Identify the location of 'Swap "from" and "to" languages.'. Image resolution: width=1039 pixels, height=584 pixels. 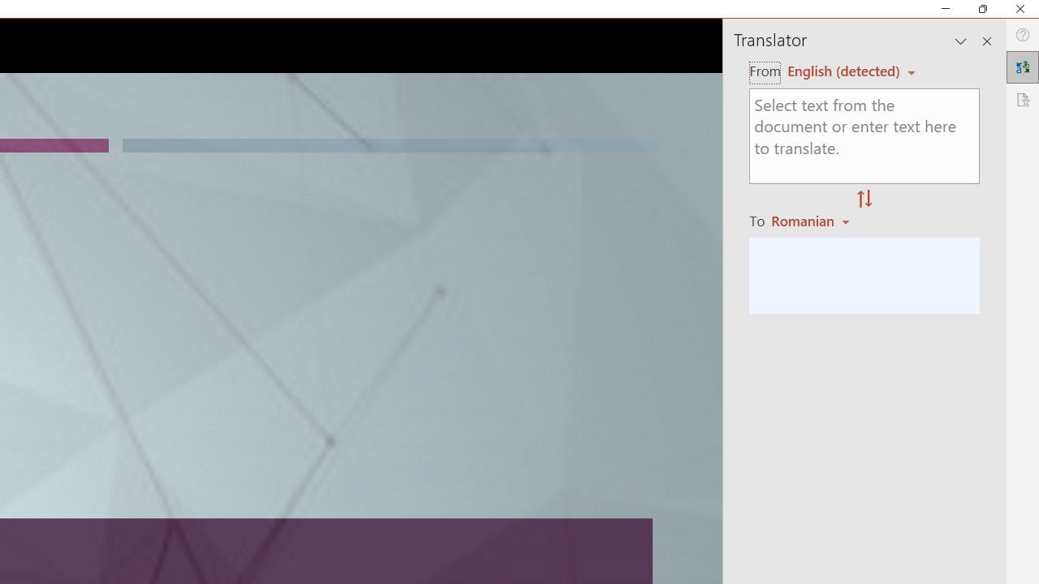
(864, 198).